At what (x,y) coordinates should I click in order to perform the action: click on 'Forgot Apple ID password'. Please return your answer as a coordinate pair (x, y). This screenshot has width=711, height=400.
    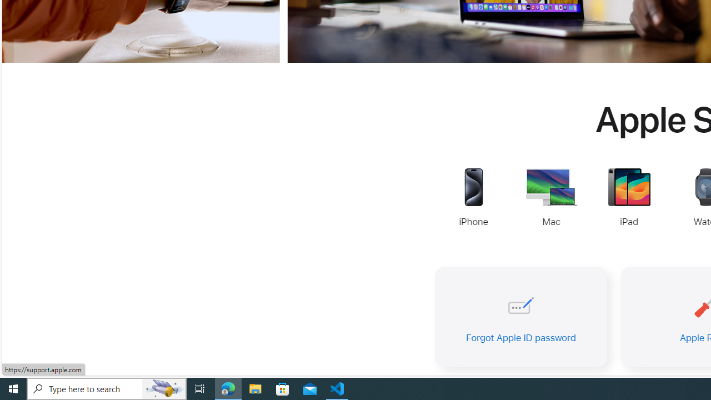
    Looking at the image, I should click on (520, 317).